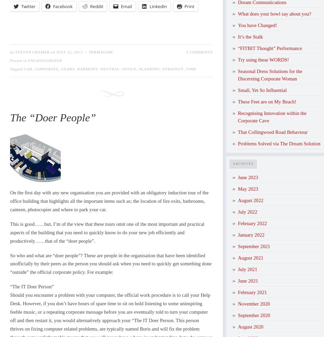  What do you see at coordinates (270, 75) in the screenshot?
I see `'Seasonal Dress Solutions for the Discerning Corporate Woman'` at bounding box center [270, 75].